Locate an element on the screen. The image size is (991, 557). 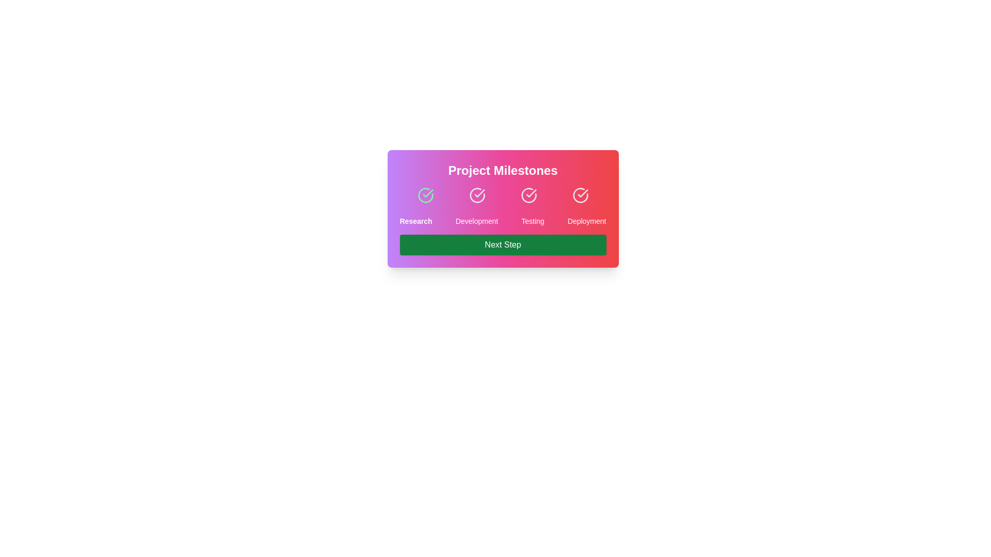
the Status Icon, which is a circular icon with a check mark inside, styled with a bold stroke and gray color, located as the third icon from the left under the 'Project Milestones' heading is located at coordinates (529, 195).